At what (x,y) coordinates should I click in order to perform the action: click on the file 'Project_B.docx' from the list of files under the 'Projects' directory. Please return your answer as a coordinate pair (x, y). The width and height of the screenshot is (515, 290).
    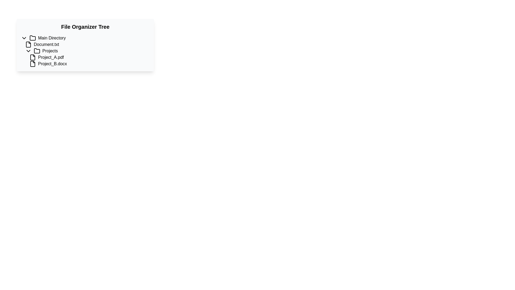
    Looking at the image, I should click on (90, 60).